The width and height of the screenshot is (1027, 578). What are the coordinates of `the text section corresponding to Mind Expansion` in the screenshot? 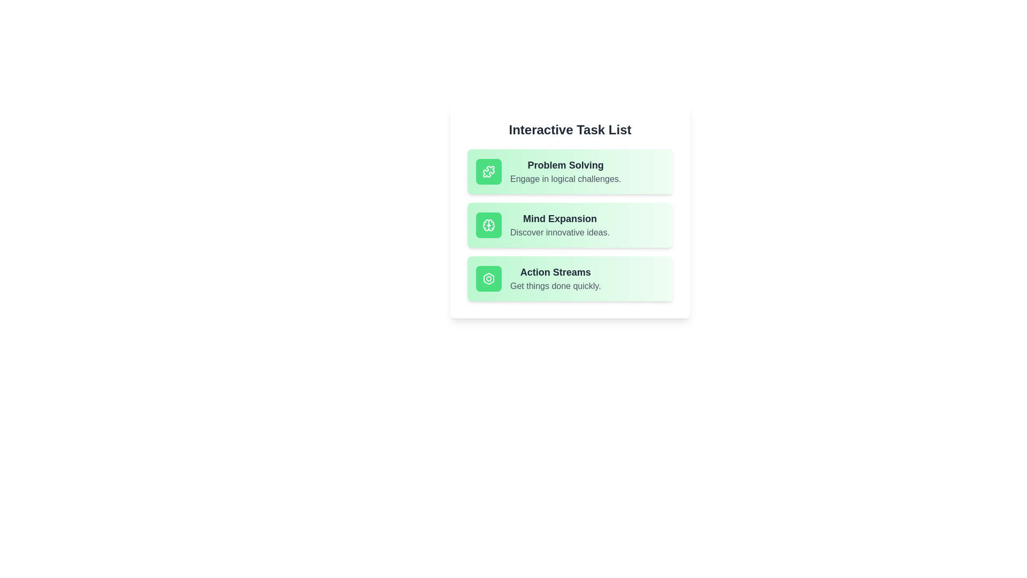 It's located at (569, 224).